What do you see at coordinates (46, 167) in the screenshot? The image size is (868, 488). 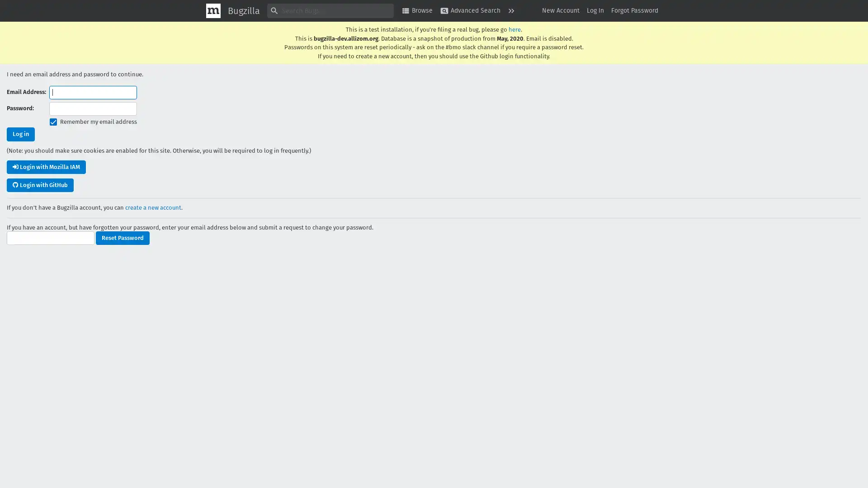 I see `Login with Mozilla IAM` at bounding box center [46, 167].